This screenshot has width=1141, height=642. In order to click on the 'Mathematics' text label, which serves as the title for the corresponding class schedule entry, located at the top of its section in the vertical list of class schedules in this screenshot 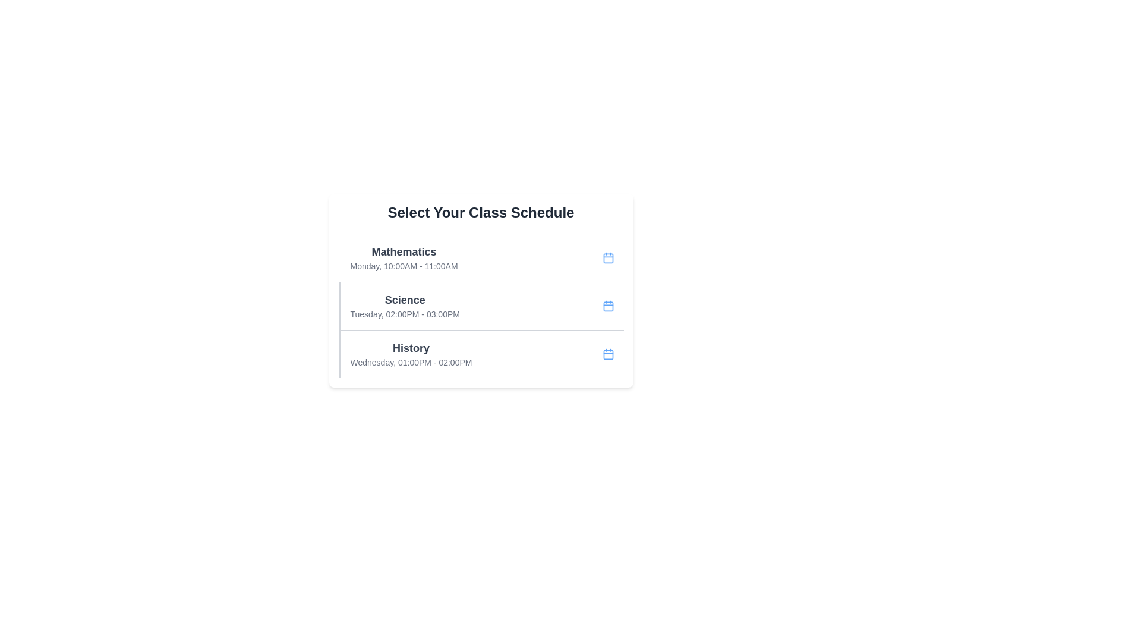, I will do `click(404, 251)`.